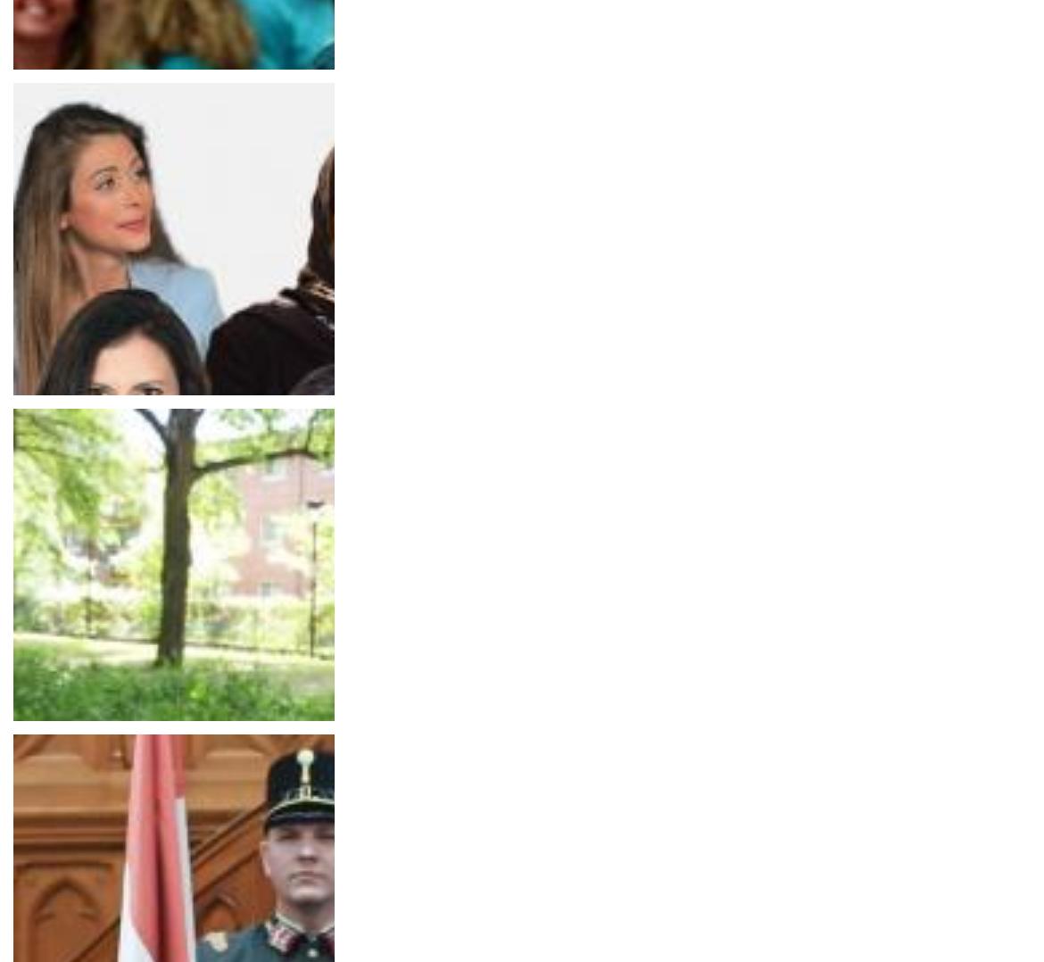 This screenshot has width=1044, height=962. Describe the element at coordinates (92, 718) in the screenshot. I see `'Thursday, May 19, 2022'` at that location.